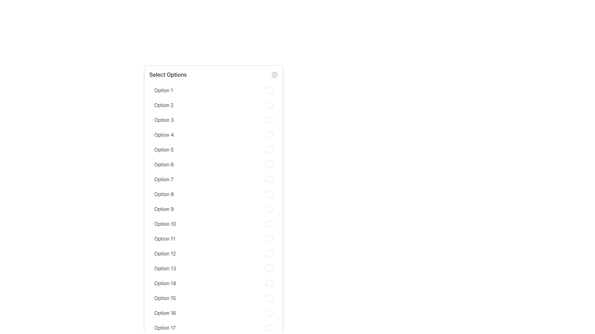  I want to click on the radio button with a thin gray border located on the far-right side of the list entry labeled 'Option 11', so click(269, 238).